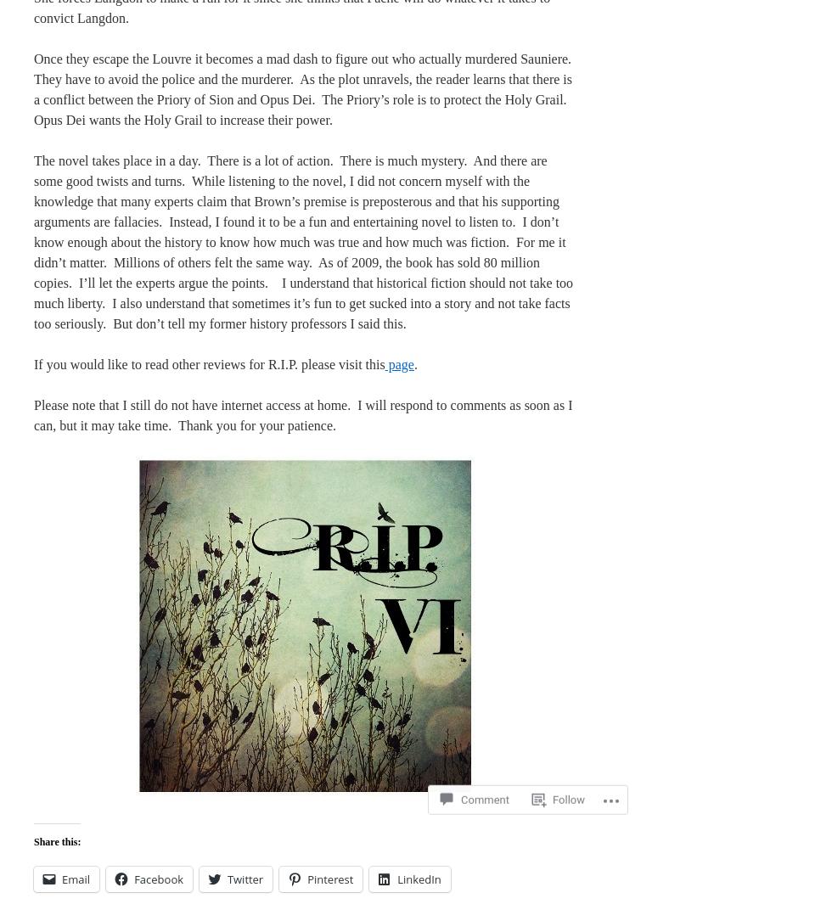  Describe the element at coordinates (57, 842) in the screenshot. I see `'Share this:'` at that location.